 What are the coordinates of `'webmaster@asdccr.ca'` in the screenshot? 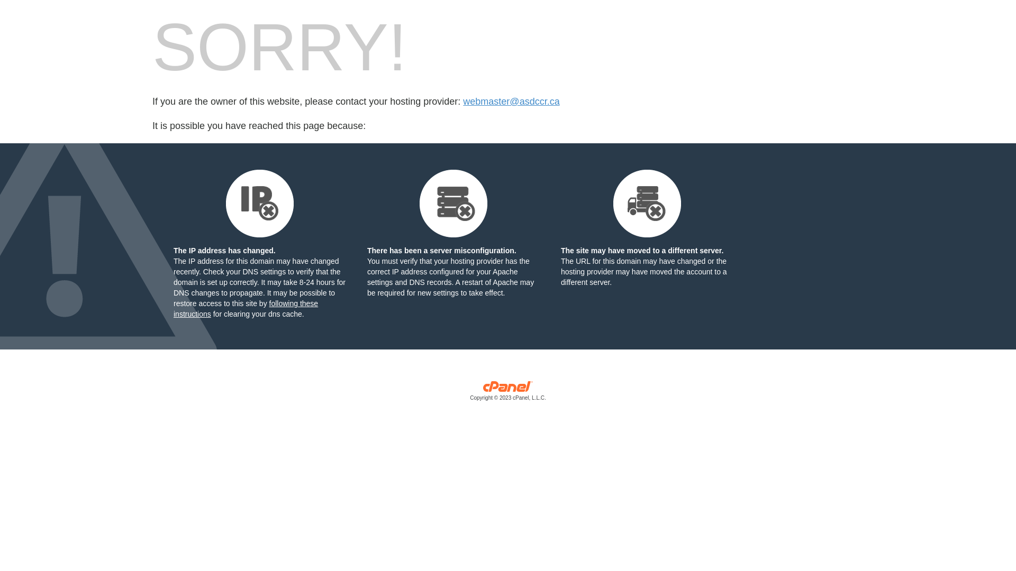 It's located at (511, 102).